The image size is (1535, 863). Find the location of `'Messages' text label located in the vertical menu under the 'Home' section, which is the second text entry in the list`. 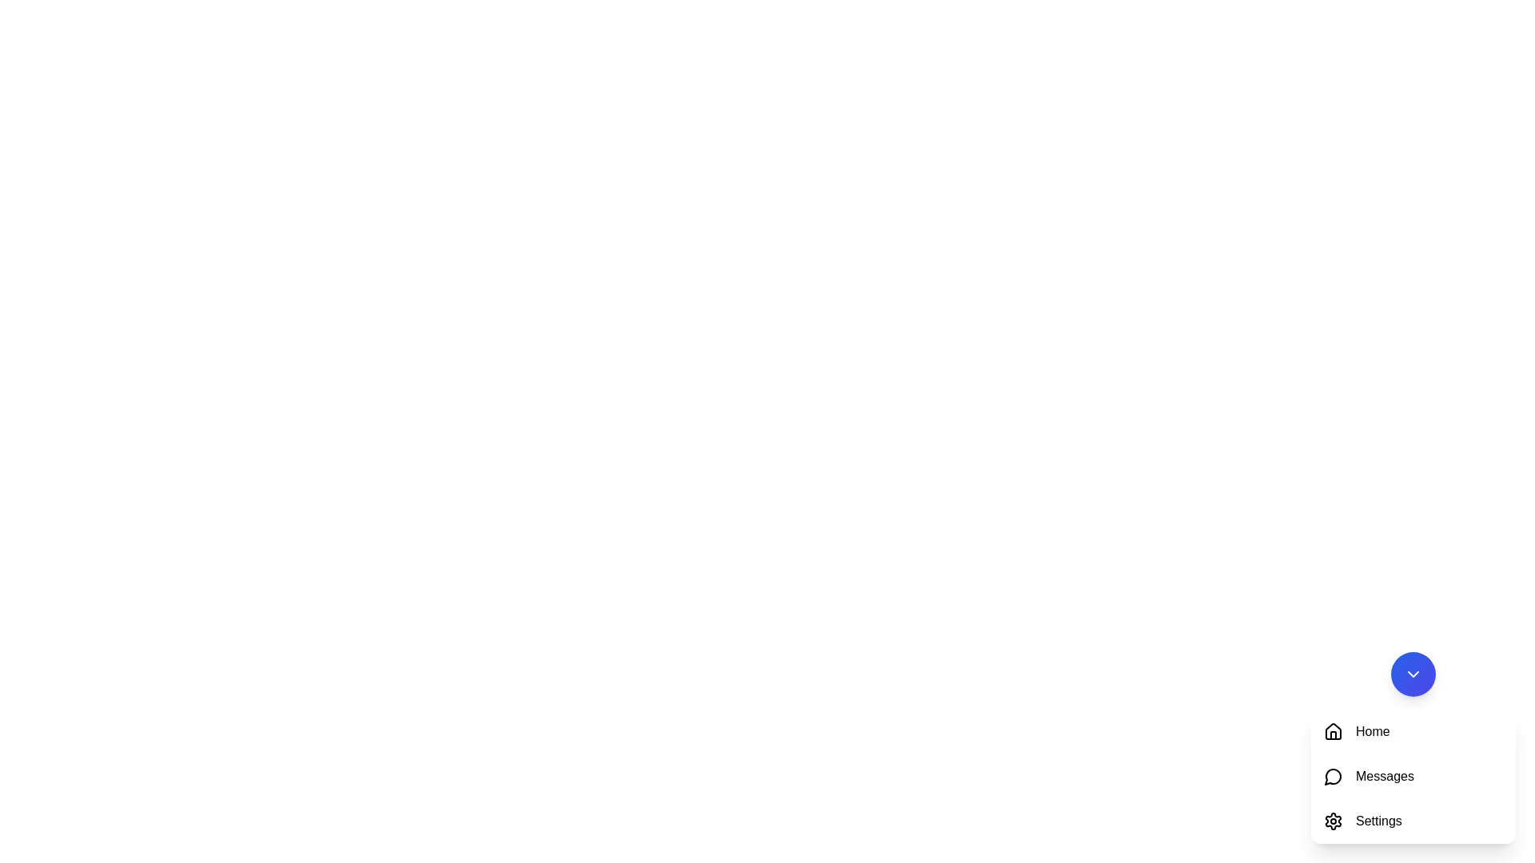

'Messages' text label located in the vertical menu under the 'Home' section, which is the second text entry in the list is located at coordinates (1384, 776).